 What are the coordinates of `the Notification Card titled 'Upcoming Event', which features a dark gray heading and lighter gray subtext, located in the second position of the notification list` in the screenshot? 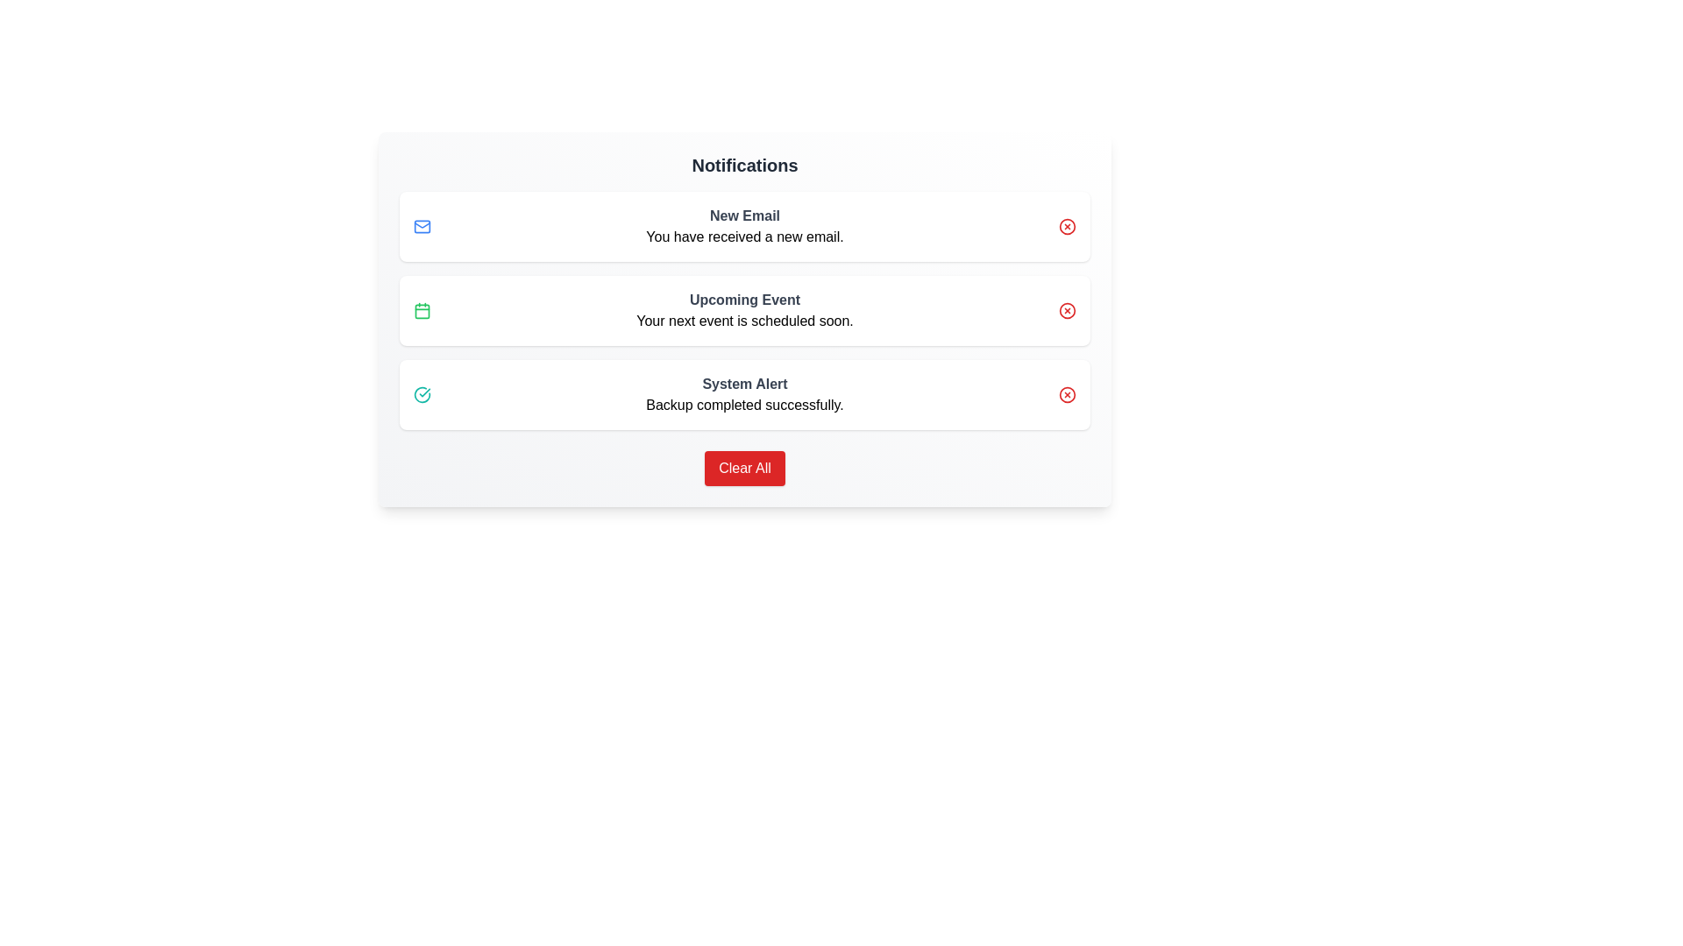 It's located at (744, 309).